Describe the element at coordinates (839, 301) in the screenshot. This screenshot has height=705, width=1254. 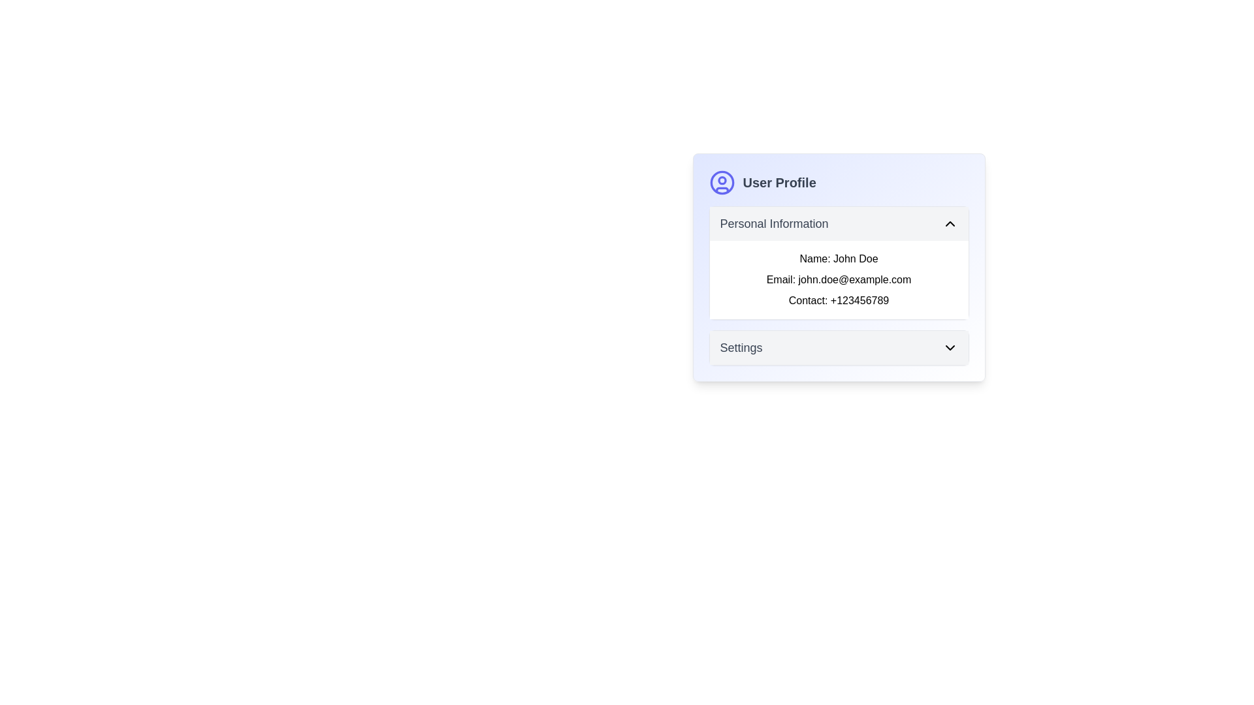
I see `the static text label displaying the contact number in the 'Personal Information' section of the 'User Profile' card, which is the third entry in a vertical list under the 'Email' field` at that location.